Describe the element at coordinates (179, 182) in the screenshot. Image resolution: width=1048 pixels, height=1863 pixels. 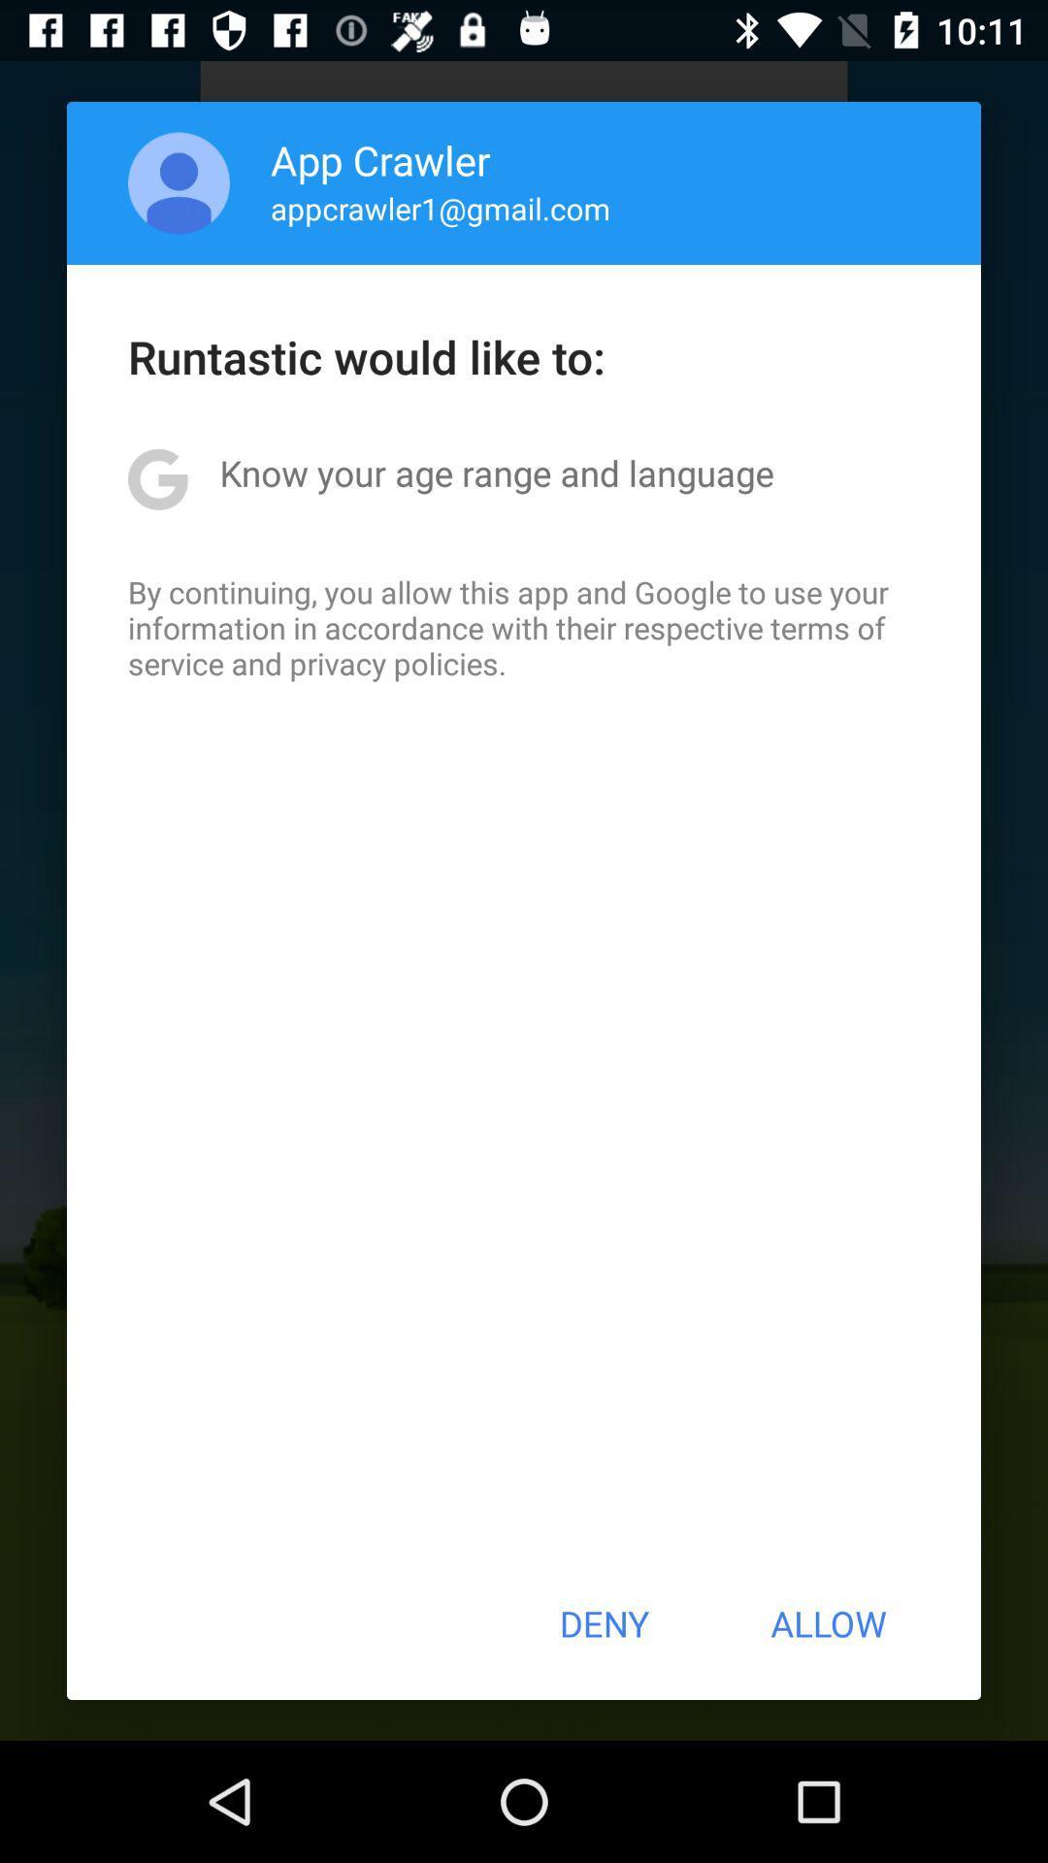
I see `the icon above the runtastic would like item` at that location.